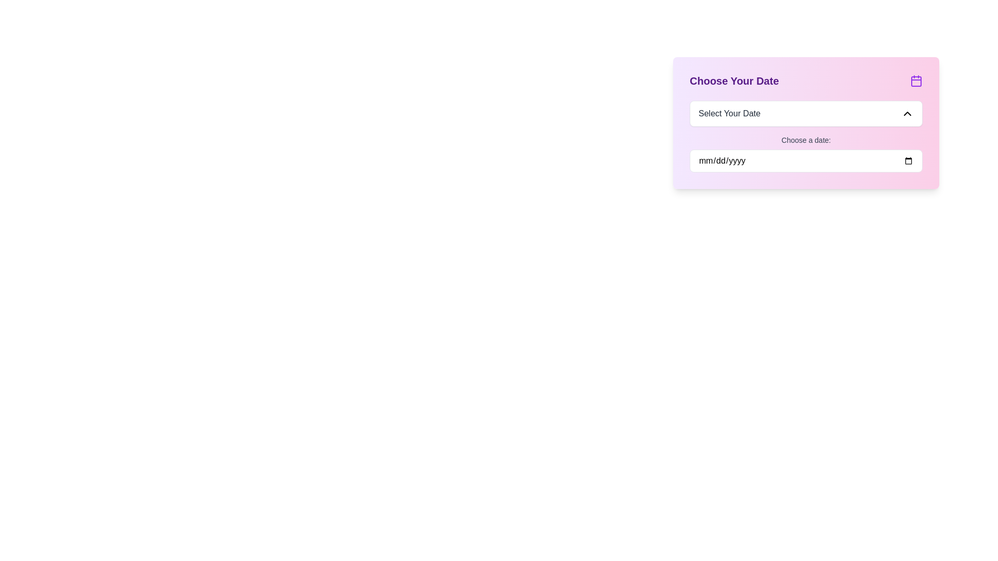  I want to click on the pink rounded rectangular background of the calendar icon located in the top-right corner of the card interface, so click(916, 81).